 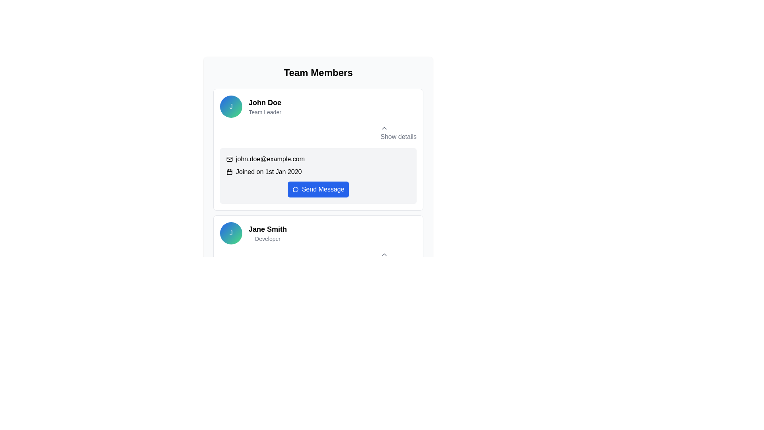 What do you see at coordinates (229, 159) in the screenshot?
I see `the email icon located to the left of the email address 'john.doe@example.com' in the user card for 'John Doe'` at bounding box center [229, 159].